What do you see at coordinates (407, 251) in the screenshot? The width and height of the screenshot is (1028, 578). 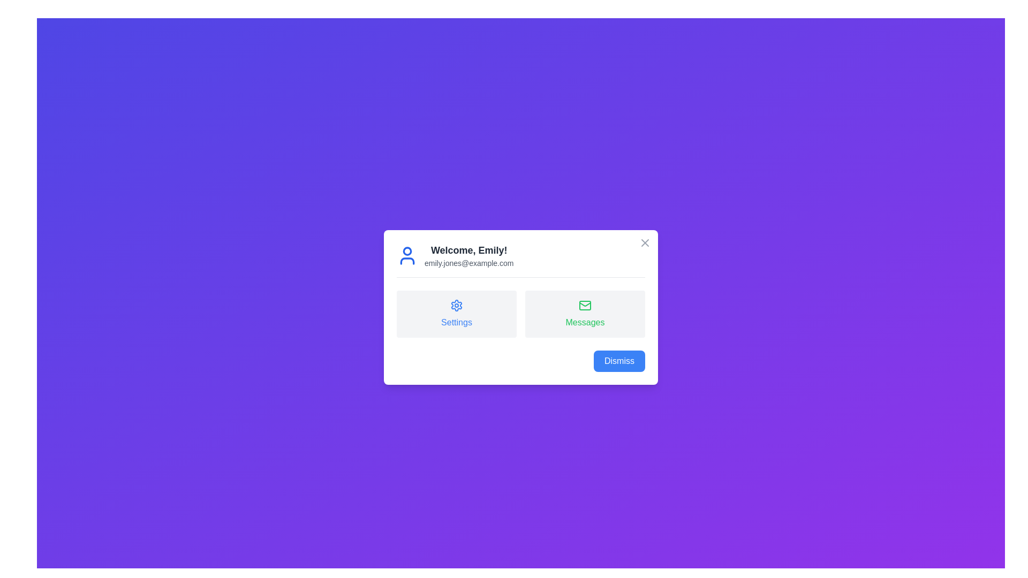 I see `the circular profile icon that resembles a user's head, located in the upper-left corner of the card, slightly to the left of the welcome greeting text` at bounding box center [407, 251].